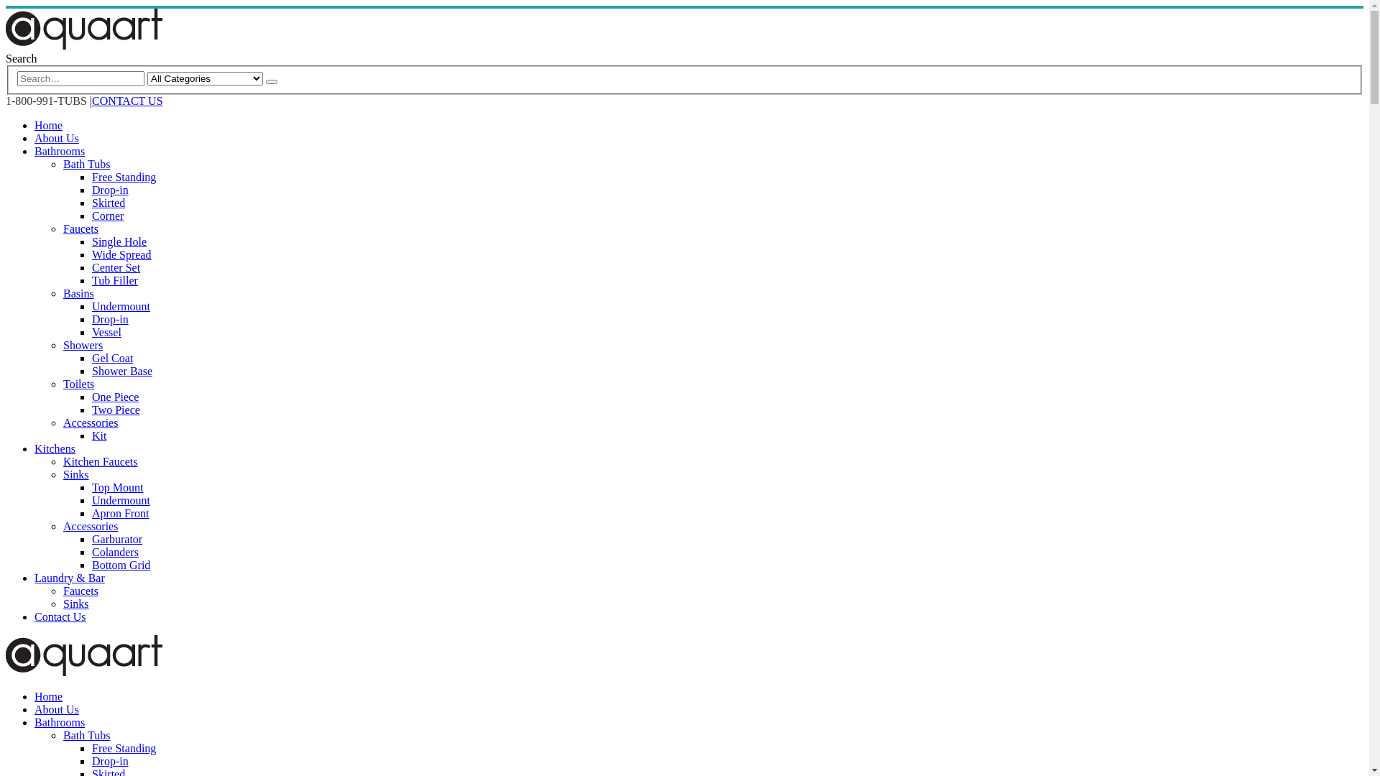 This screenshot has height=776, width=1380. What do you see at coordinates (121, 512) in the screenshot?
I see `'Apron Front'` at bounding box center [121, 512].